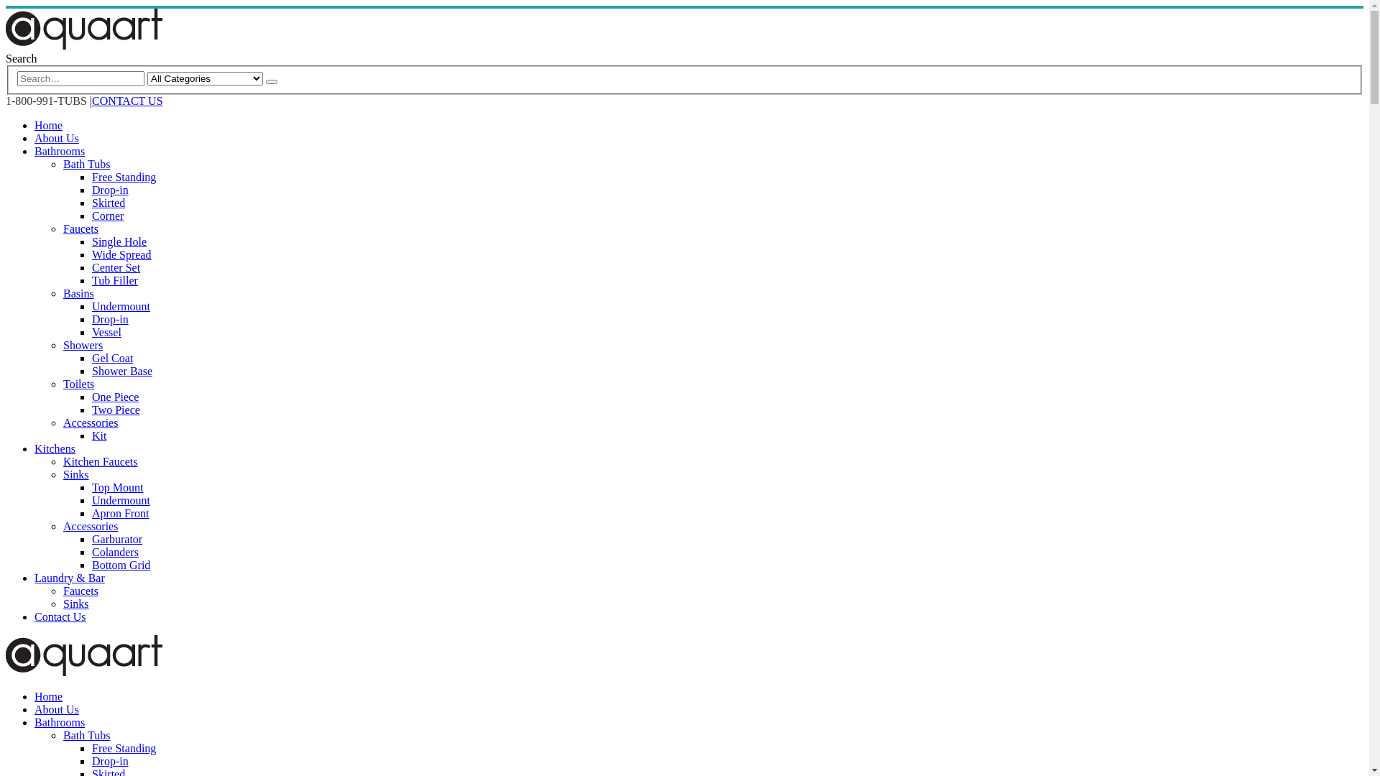 This screenshot has height=776, width=1380. What do you see at coordinates (121, 512) in the screenshot?
I see `'Apron Front'` at bounding box center [121, 512].